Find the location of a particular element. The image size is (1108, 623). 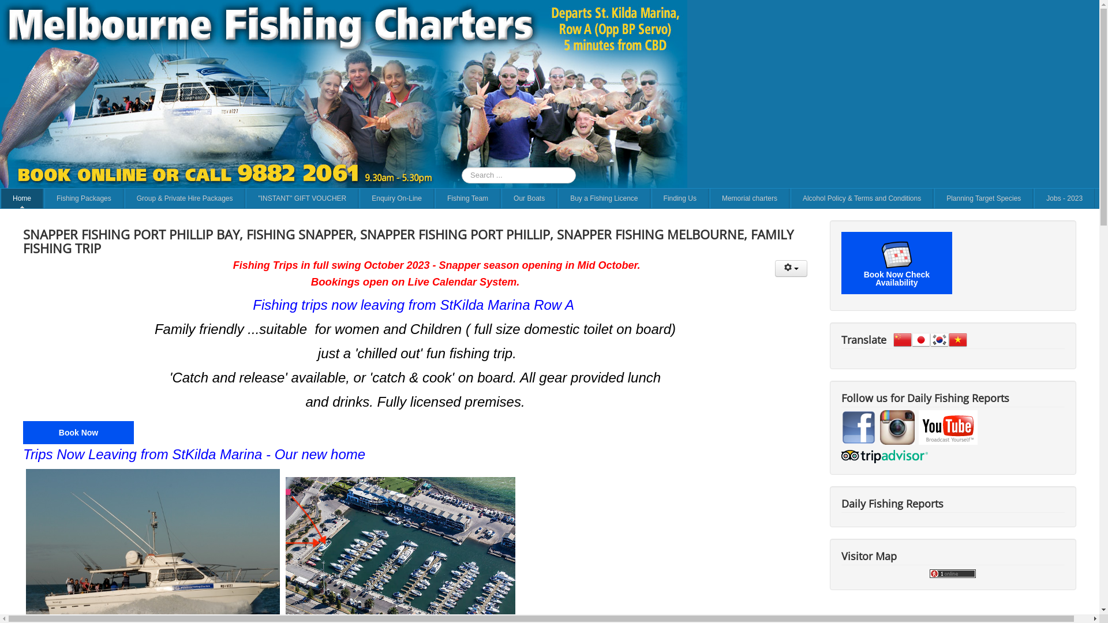

'Finding Us' is located at coordinates (680, 197).